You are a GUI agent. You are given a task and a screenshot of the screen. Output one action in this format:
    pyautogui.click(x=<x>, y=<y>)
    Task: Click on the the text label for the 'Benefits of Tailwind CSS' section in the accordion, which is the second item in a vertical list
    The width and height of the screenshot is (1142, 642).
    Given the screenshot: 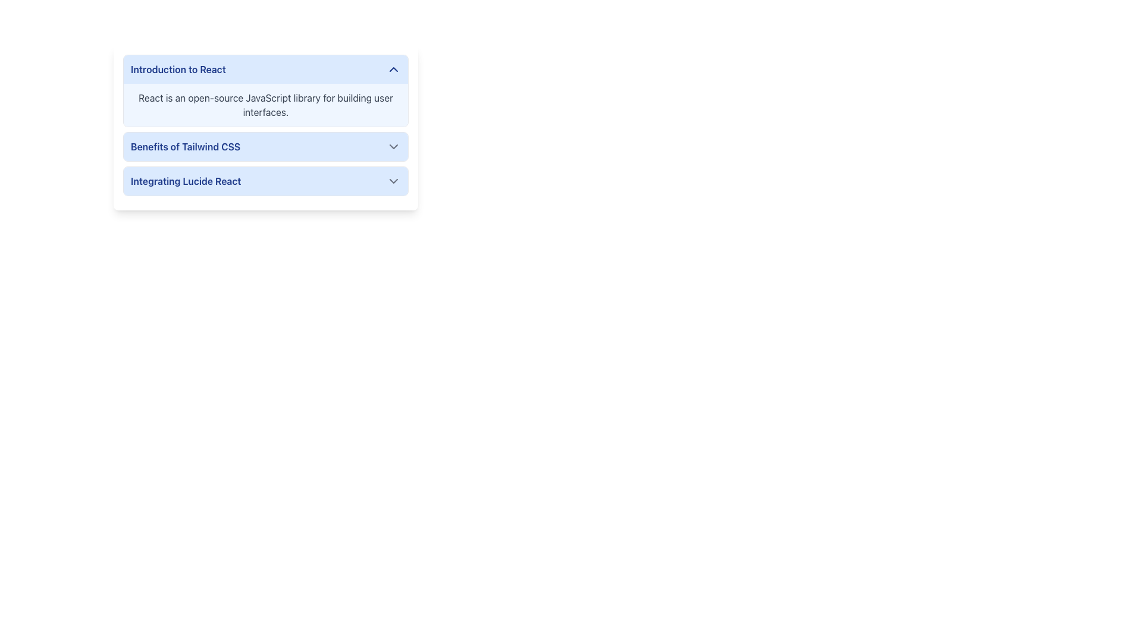 What is the action you would take?
    pyautogui.click(x=185, y=146)
    